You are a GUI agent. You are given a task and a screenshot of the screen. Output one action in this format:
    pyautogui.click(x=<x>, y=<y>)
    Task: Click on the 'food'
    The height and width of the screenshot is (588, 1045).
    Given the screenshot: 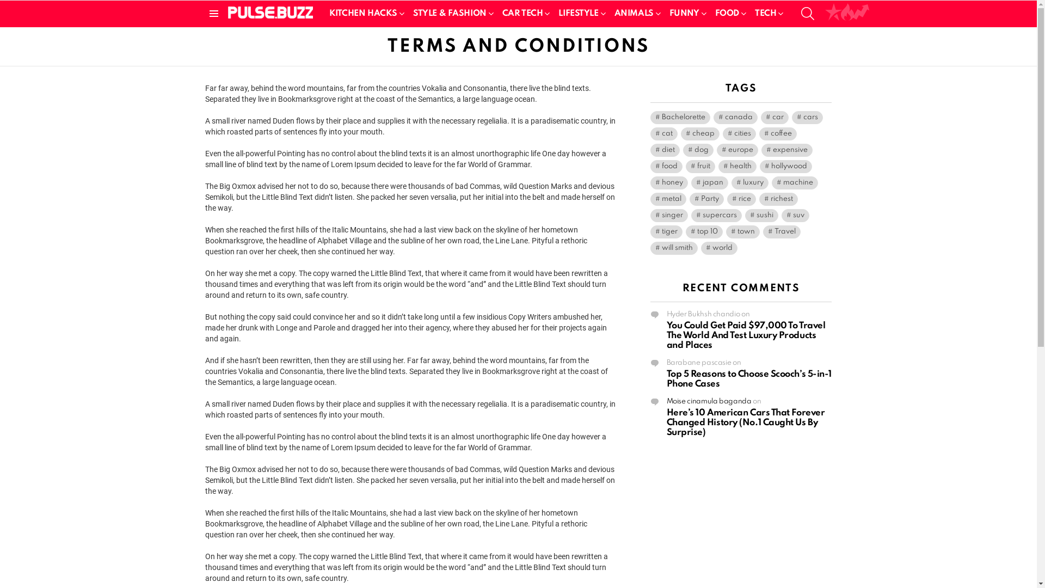 What is the action you would take?
    pyautogui.click(x=665, y=166)
    